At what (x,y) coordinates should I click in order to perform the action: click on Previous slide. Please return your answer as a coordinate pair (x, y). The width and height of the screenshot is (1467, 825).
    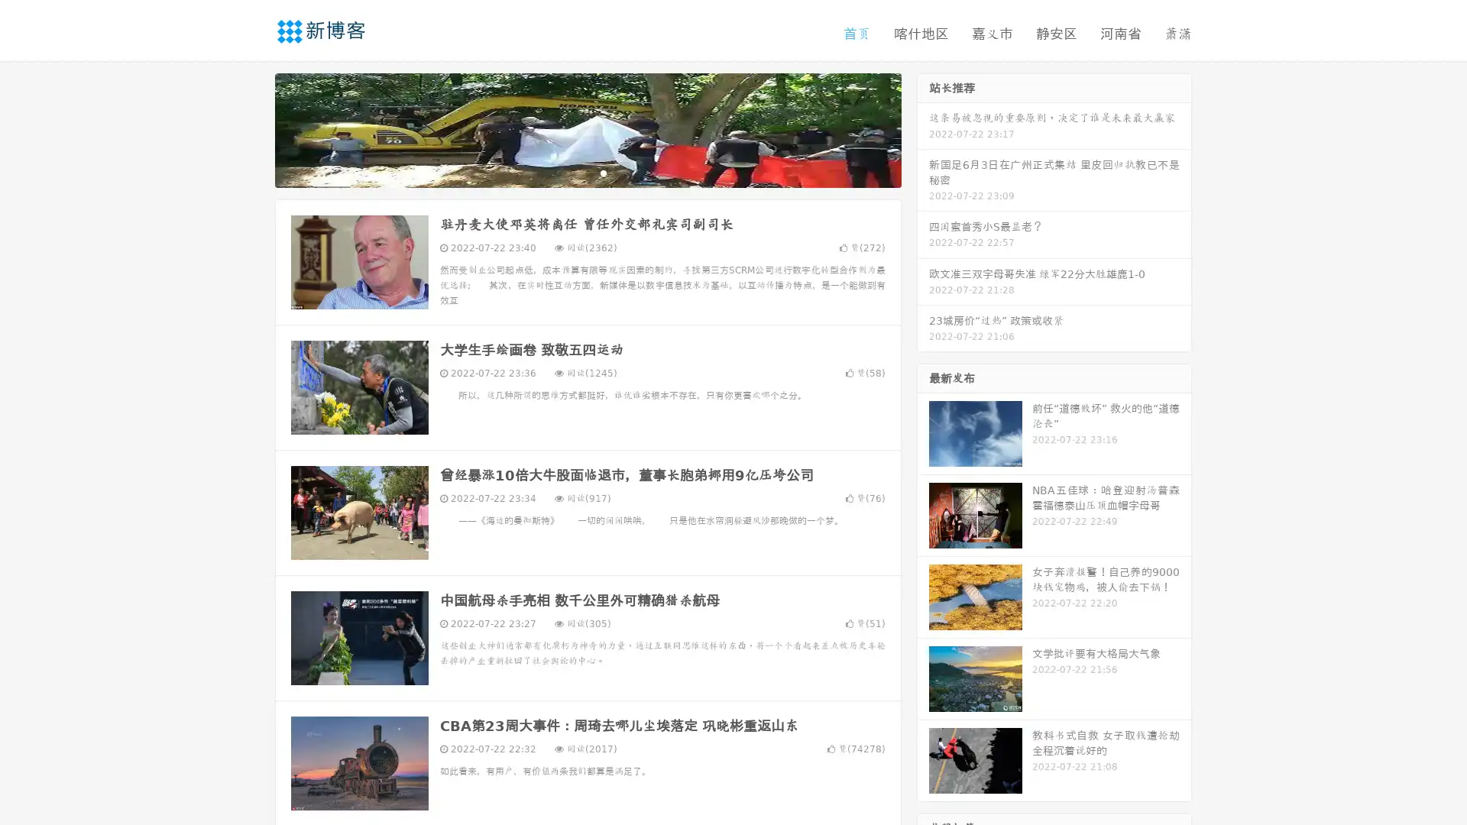
    Looking at the image, I should click on (252, 128).